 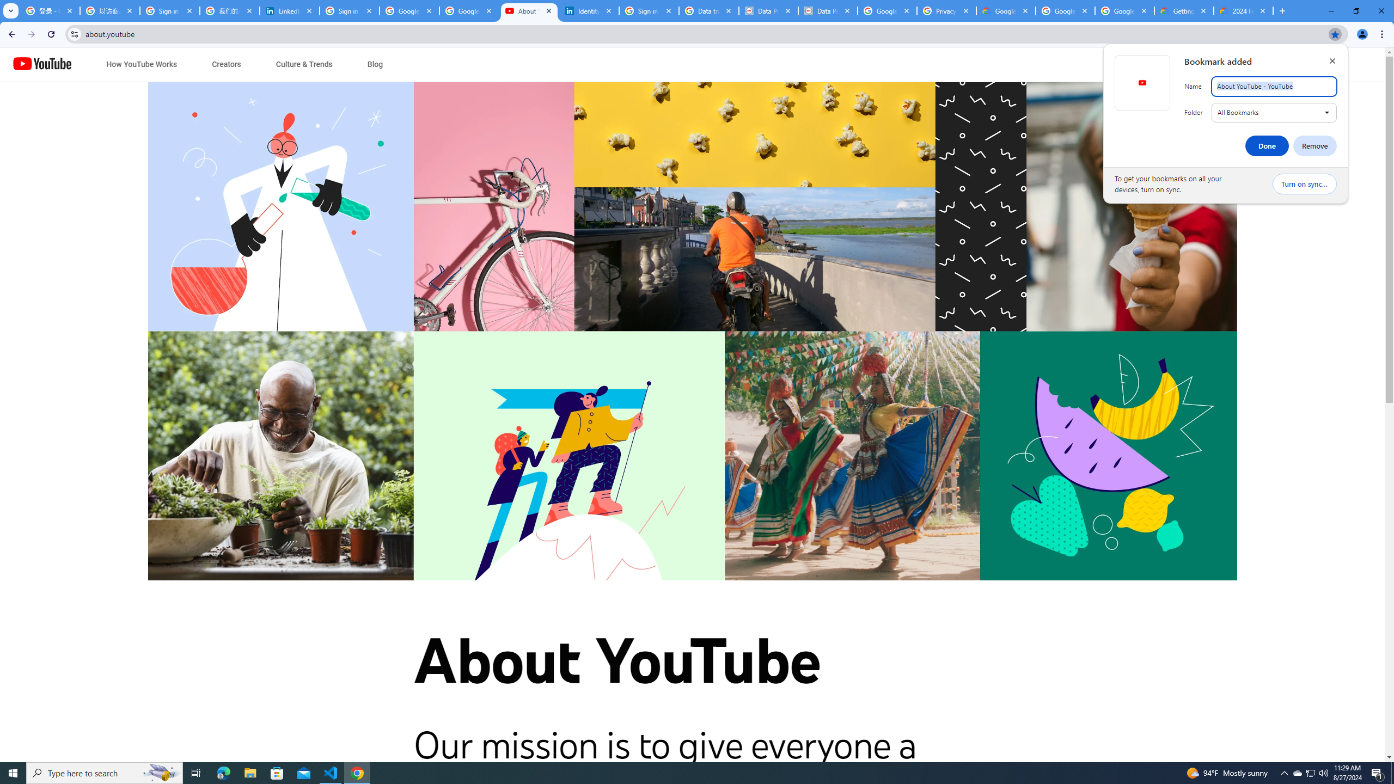 I want to click on 'Data Privacy Framework', so click(x=828, y=10).